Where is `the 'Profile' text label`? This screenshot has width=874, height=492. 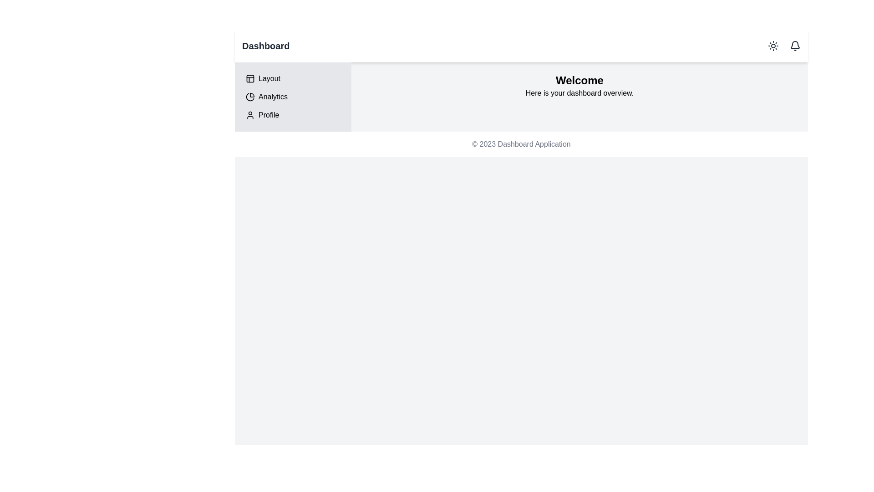 the 'Profile' text label is located at coordinates (268, 115).